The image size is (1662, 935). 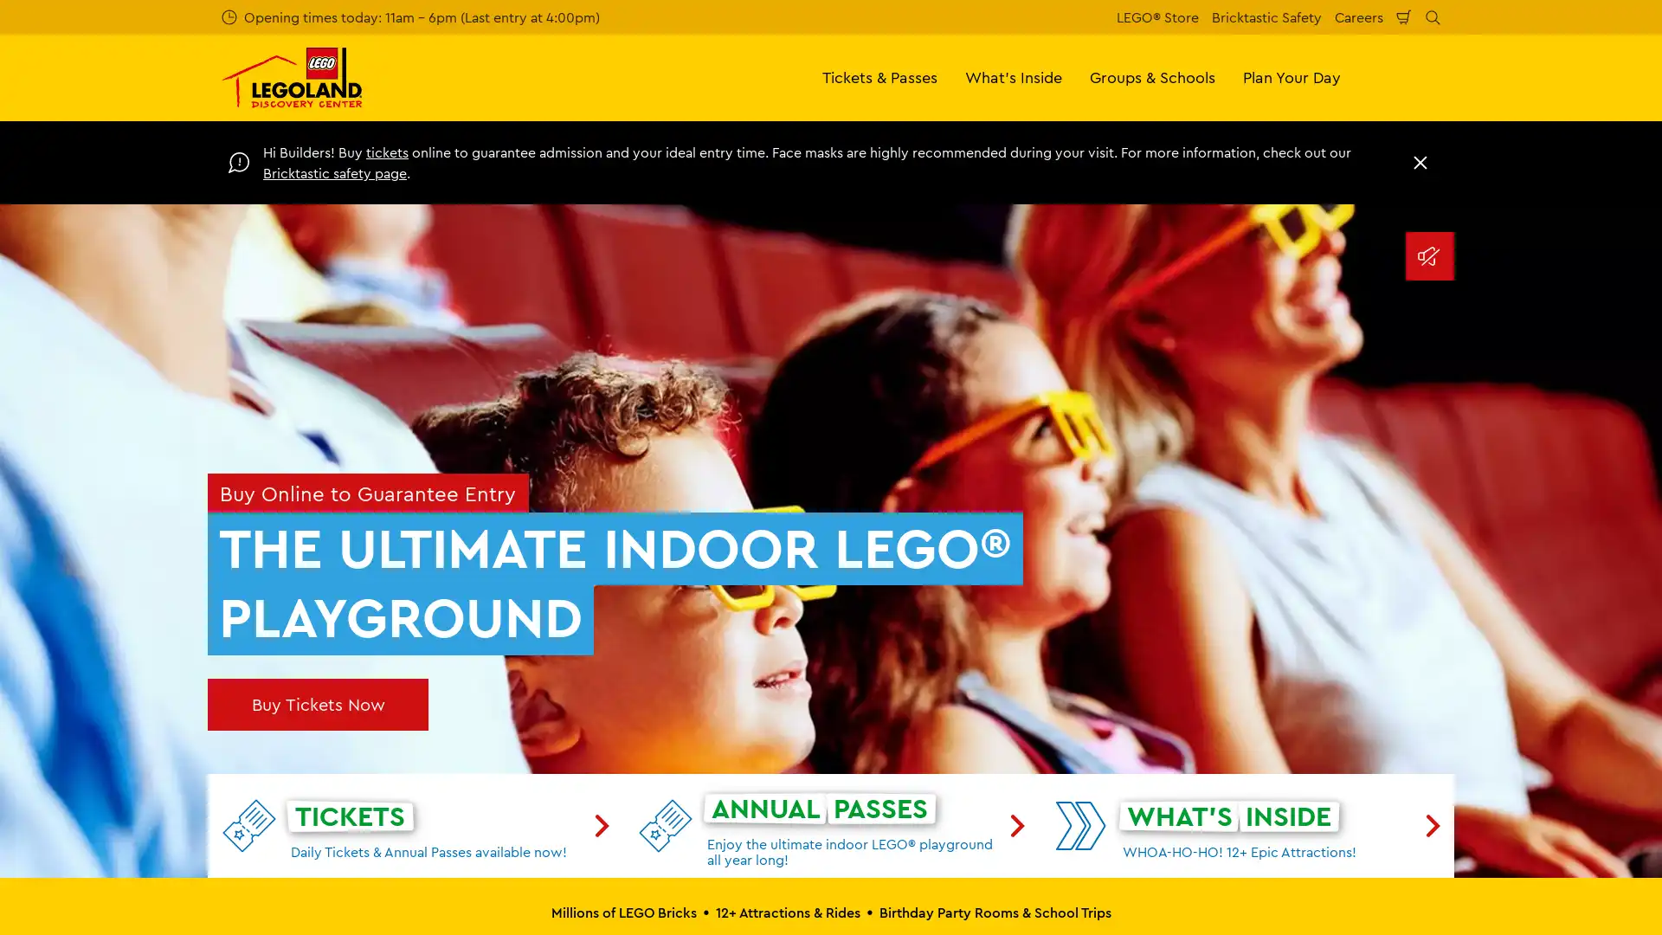 What do you see at coordinates (1152, 76) in the screenshot?
I see `Groups & Schools` at bounding box center [1152, 76].